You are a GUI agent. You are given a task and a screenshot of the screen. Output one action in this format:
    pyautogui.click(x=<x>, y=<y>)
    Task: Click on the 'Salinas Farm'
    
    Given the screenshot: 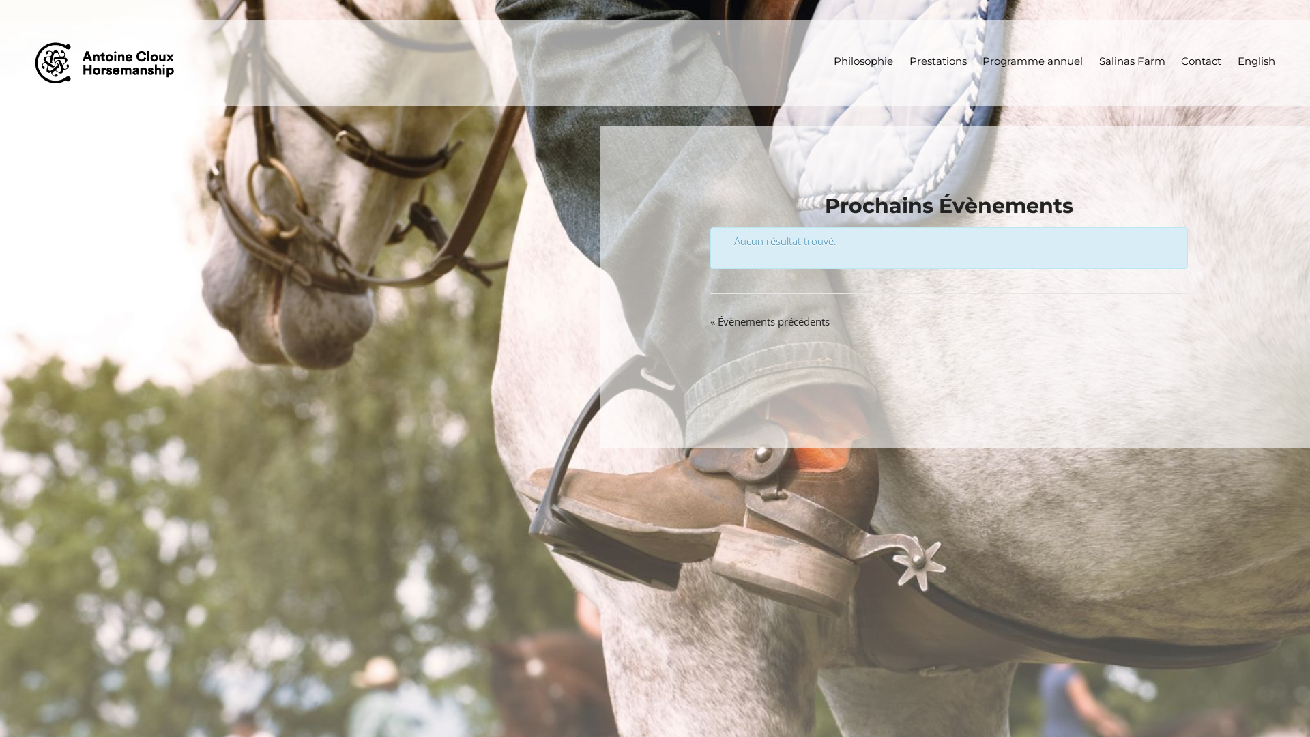 What is the action you would take?
    pyautogui.click(x=1133, y=61)
    